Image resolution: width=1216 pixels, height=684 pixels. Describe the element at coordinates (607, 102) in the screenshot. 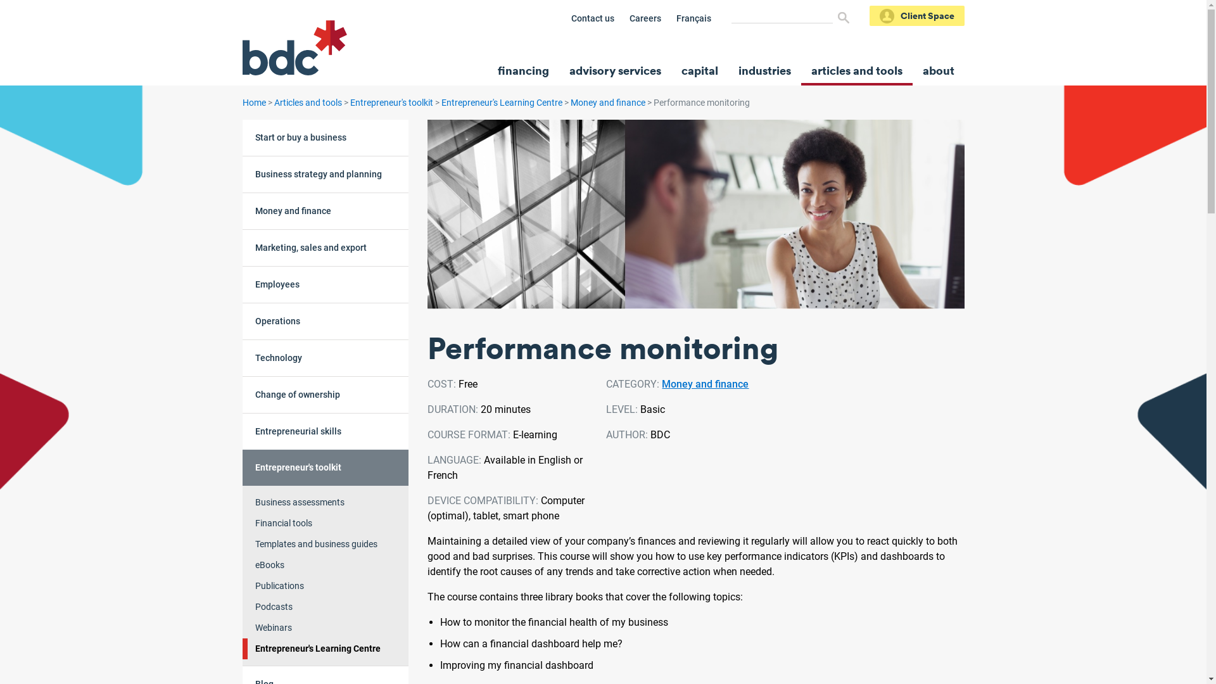

I see `'Money and finance'` at that location.